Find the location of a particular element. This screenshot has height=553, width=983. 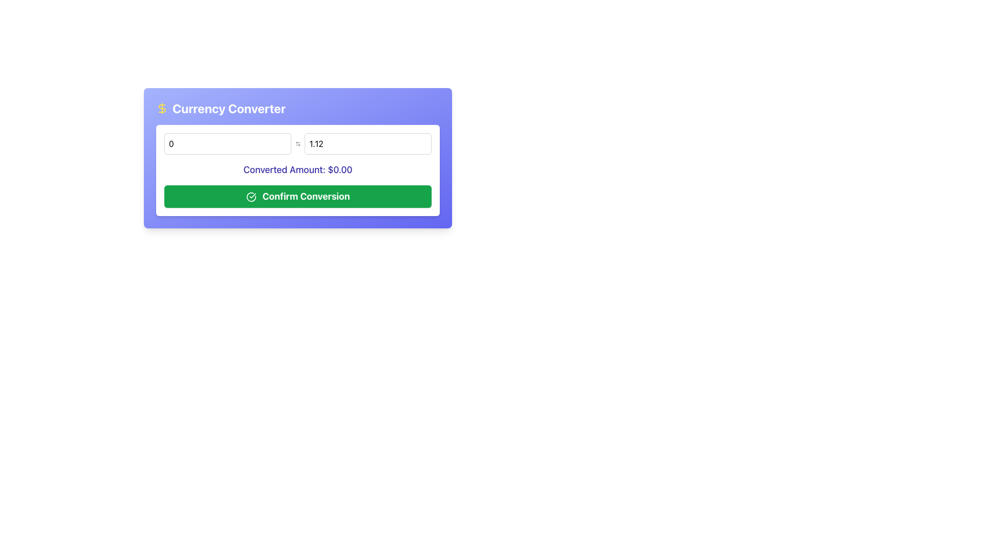

the swap icon located between two input fields is located at coordinates (297, 144).